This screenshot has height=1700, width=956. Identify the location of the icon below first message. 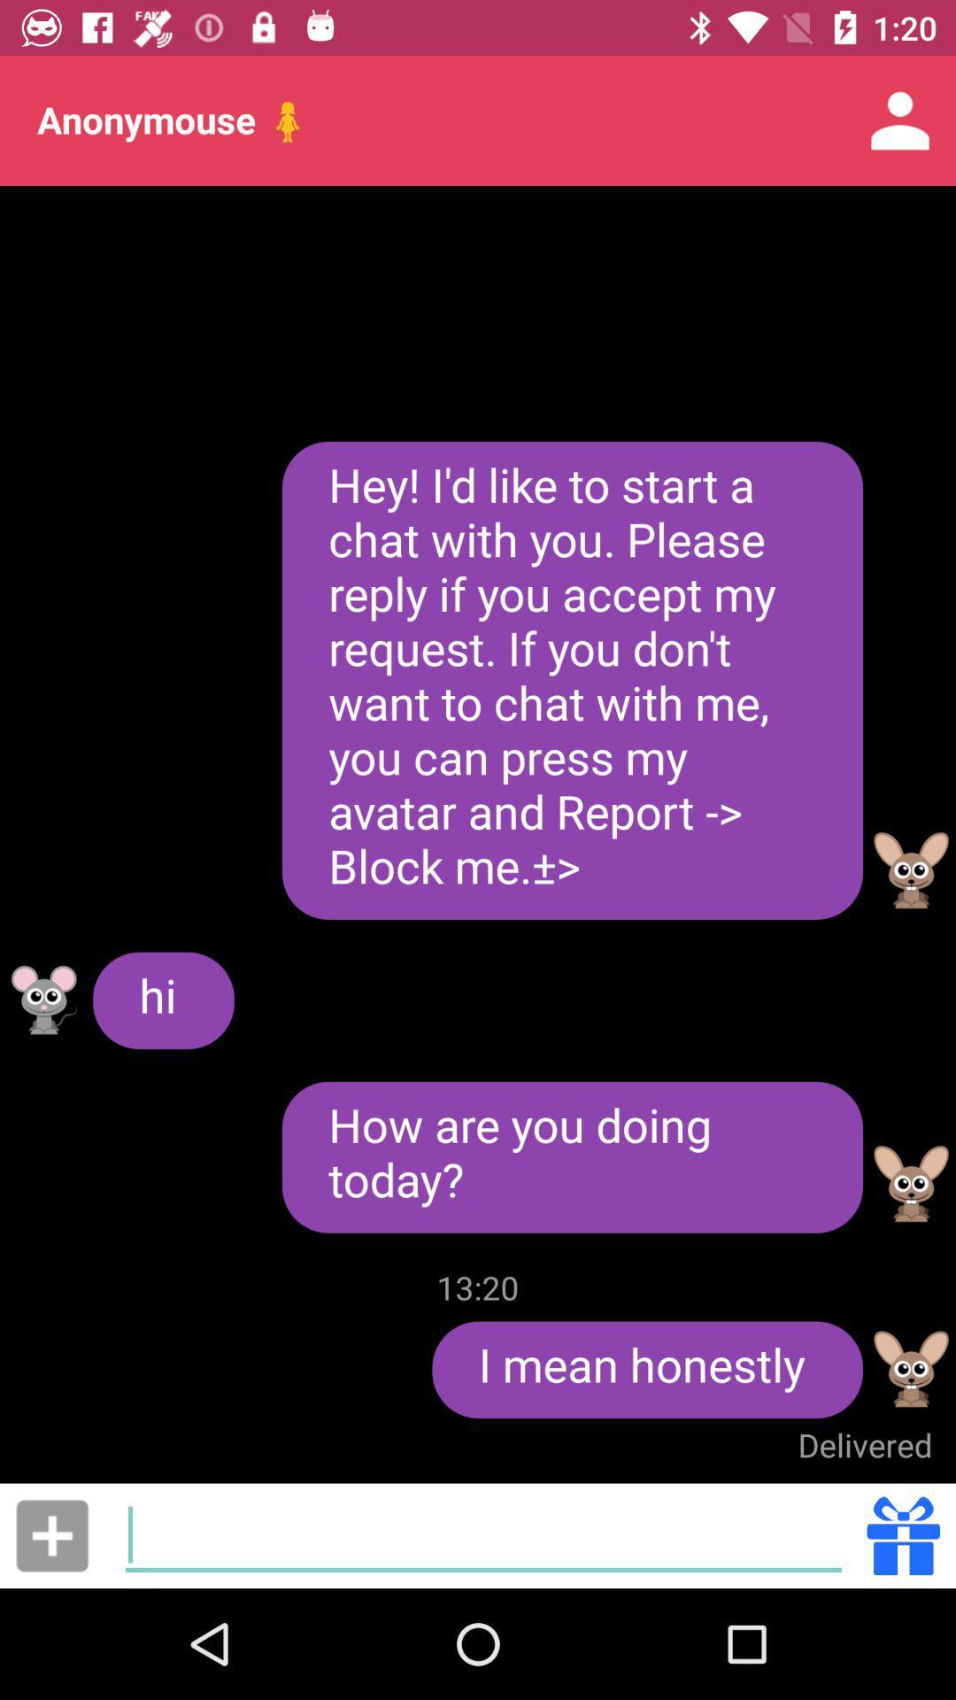
(911, 870).